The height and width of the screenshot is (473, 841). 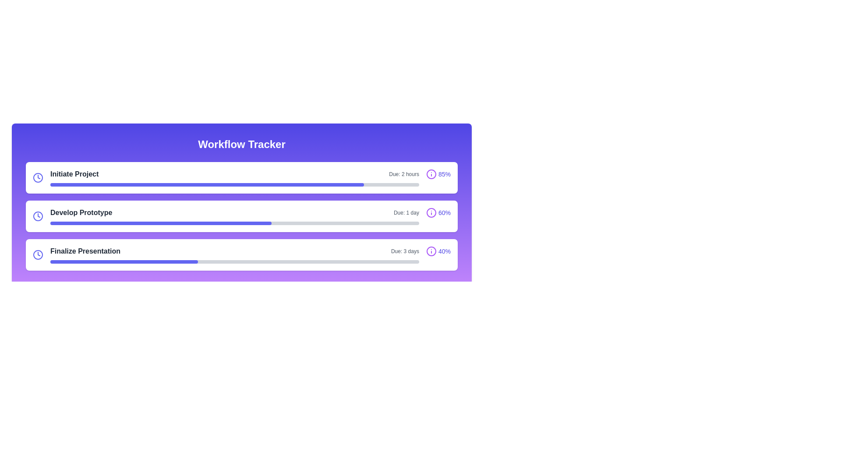 I want to click on the horizontal progress bar with a light gray background and indigo filled section, located at the bottom of the 'Finalize Presentation' section in the 'Workflow Tracker', so click(x=235, y=261).